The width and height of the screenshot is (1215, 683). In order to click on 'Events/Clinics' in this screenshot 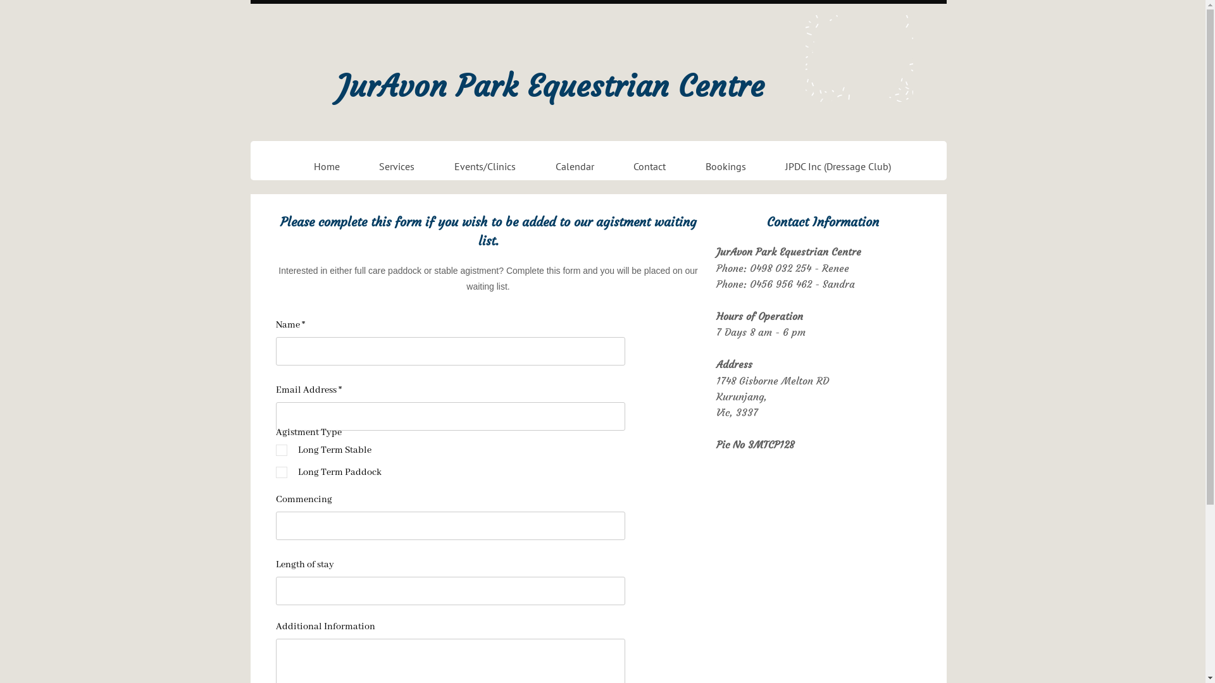, I will do `click(485, 165)`.